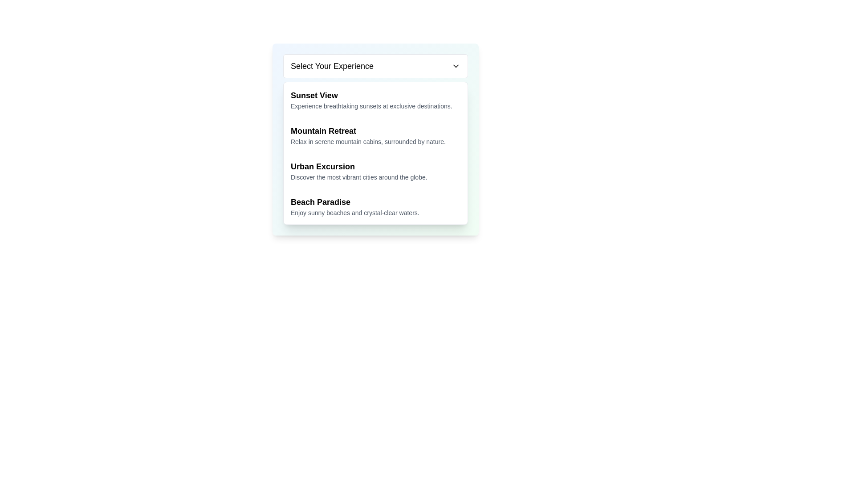  Describe the element at coordinates (375, 212) in the screenshot. I see `descriptive text label located beneath the title 'Beach Paradise' in the fourth item of a vertical list` at that location.